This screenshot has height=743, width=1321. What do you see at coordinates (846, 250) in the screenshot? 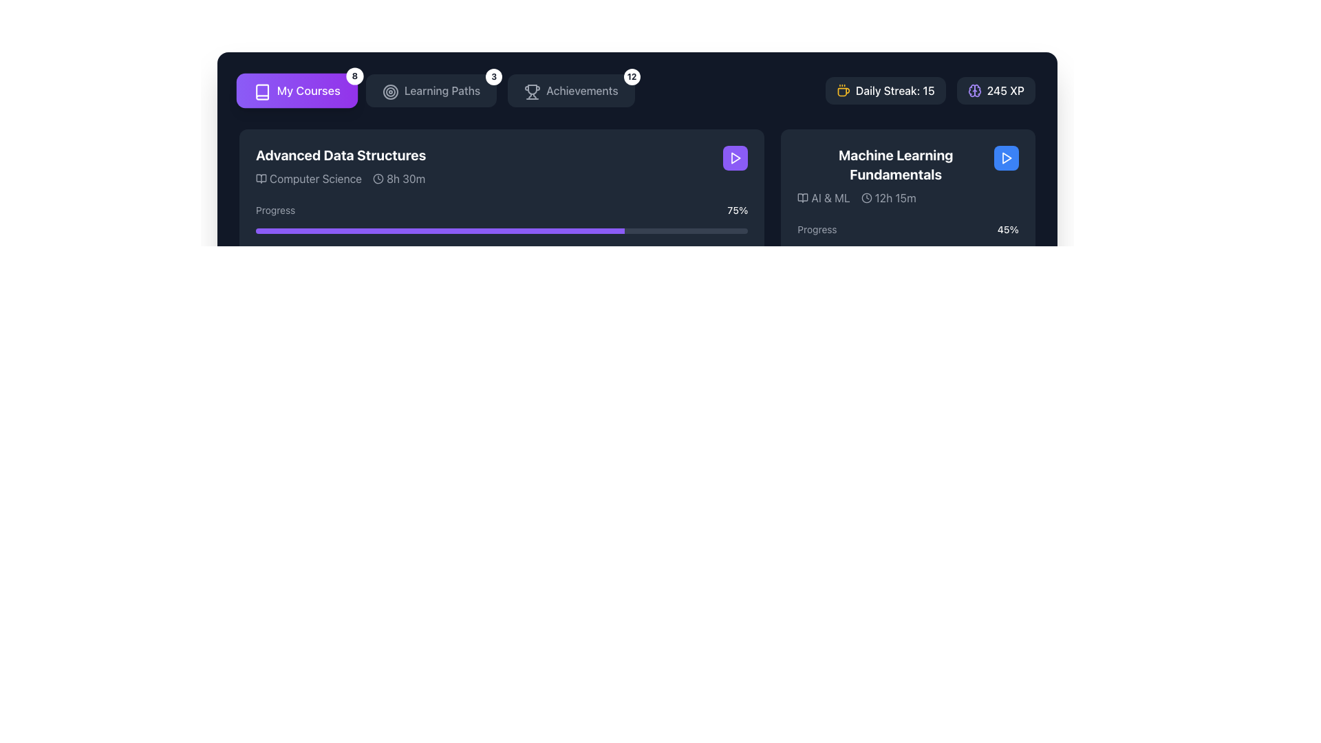
I see `the progression of the blue horizontally-oriented progress bar located below the 'Progress' label in the 'Machine Learning Fundamentals' card` at bounding box center [846, 250].